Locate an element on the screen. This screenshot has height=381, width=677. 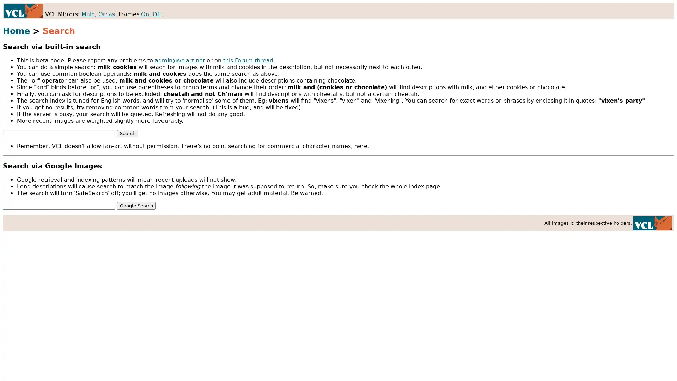
Google Search is located at coordinates (136, 205).